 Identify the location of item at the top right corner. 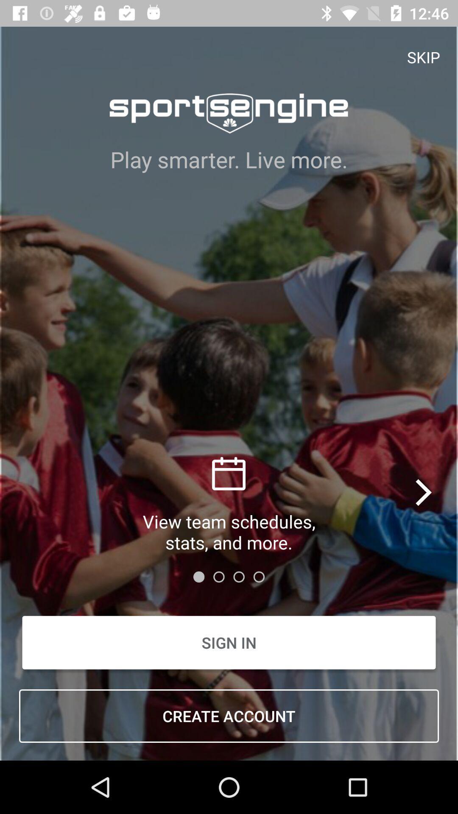
(424, 56).